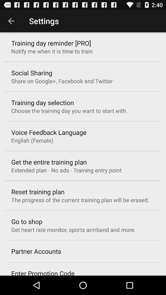 This screenshot has width=166, height=295. I want to click on partner accounts item, so click(36, 251).